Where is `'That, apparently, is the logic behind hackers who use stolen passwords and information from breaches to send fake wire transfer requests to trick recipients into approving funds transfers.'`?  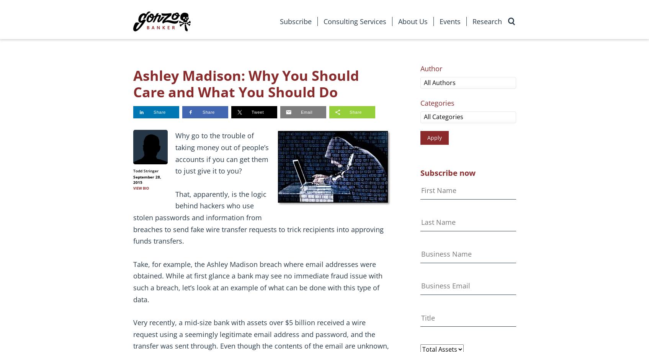 'That, apparently, is the logic behind hackers who use stolen passwords and information from breaches to send fake wire transfer requests to trick recipients into approving funds transfers.' is located at coordinates (258, 217).